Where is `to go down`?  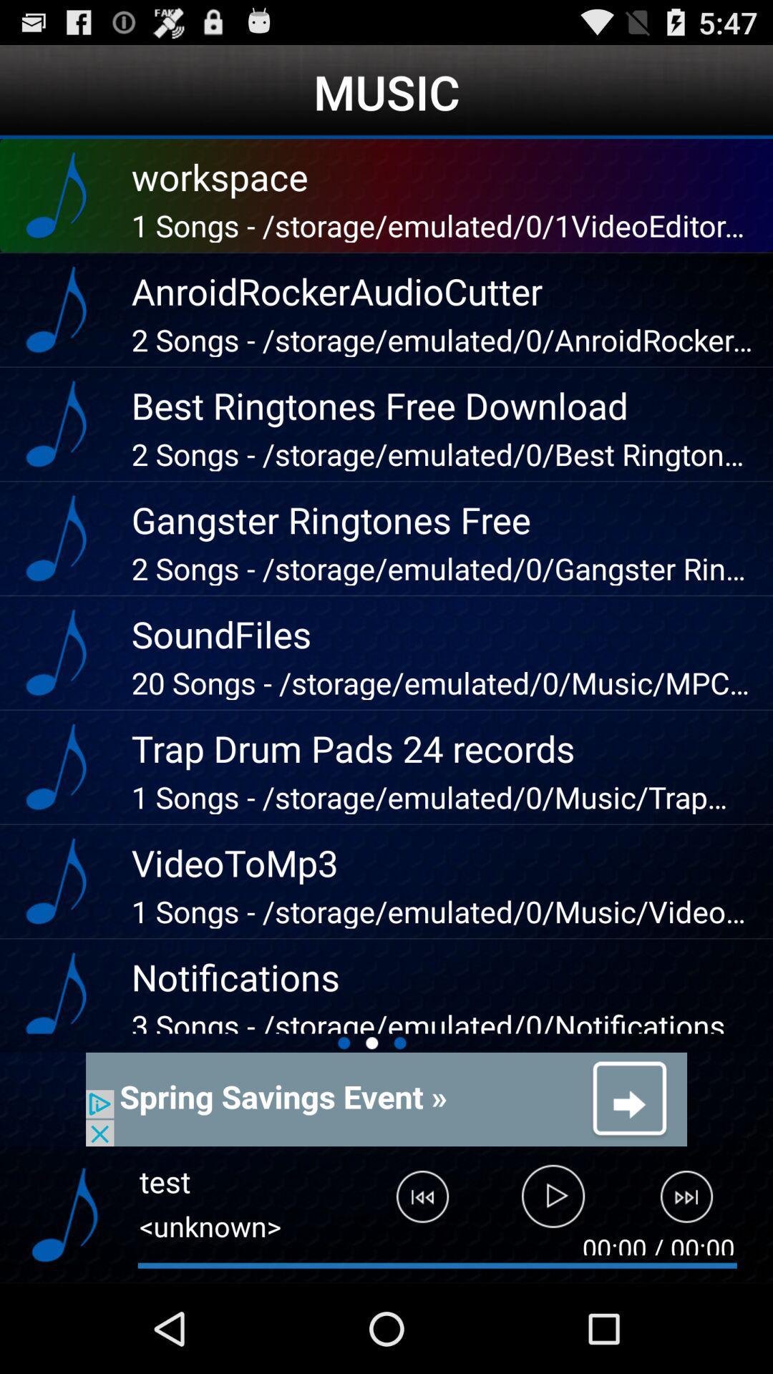 to go down is located at coordinates (64, 1214).